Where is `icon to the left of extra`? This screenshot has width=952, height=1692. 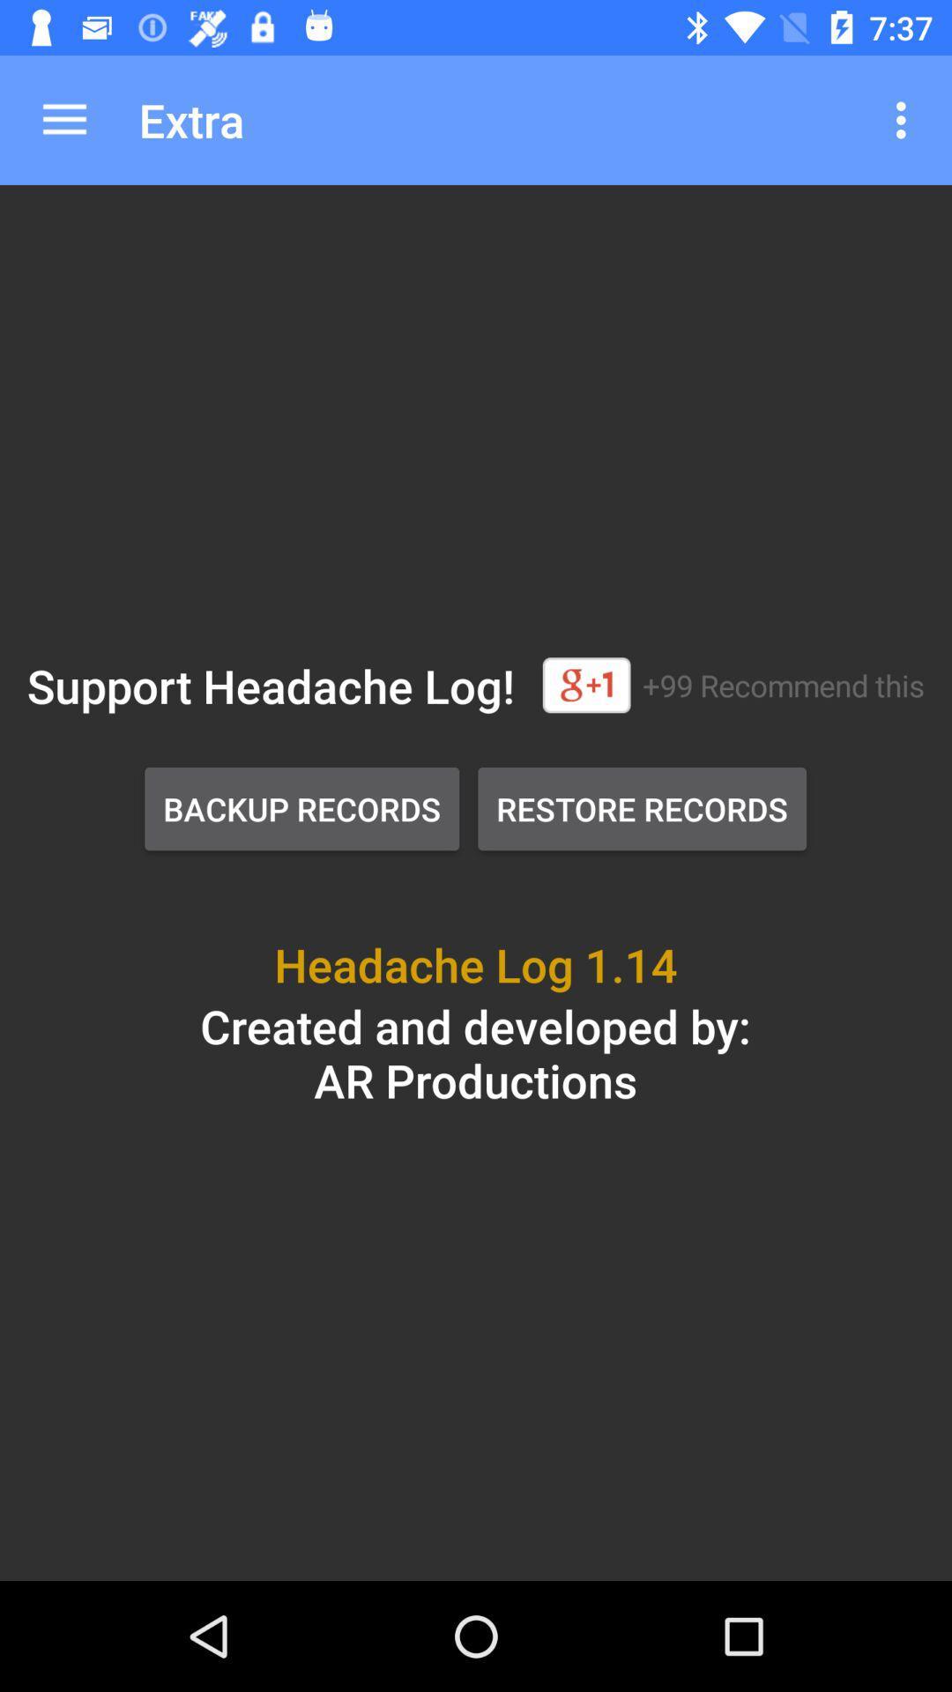
icon to the left of extra is located at coordinates (63, 119).